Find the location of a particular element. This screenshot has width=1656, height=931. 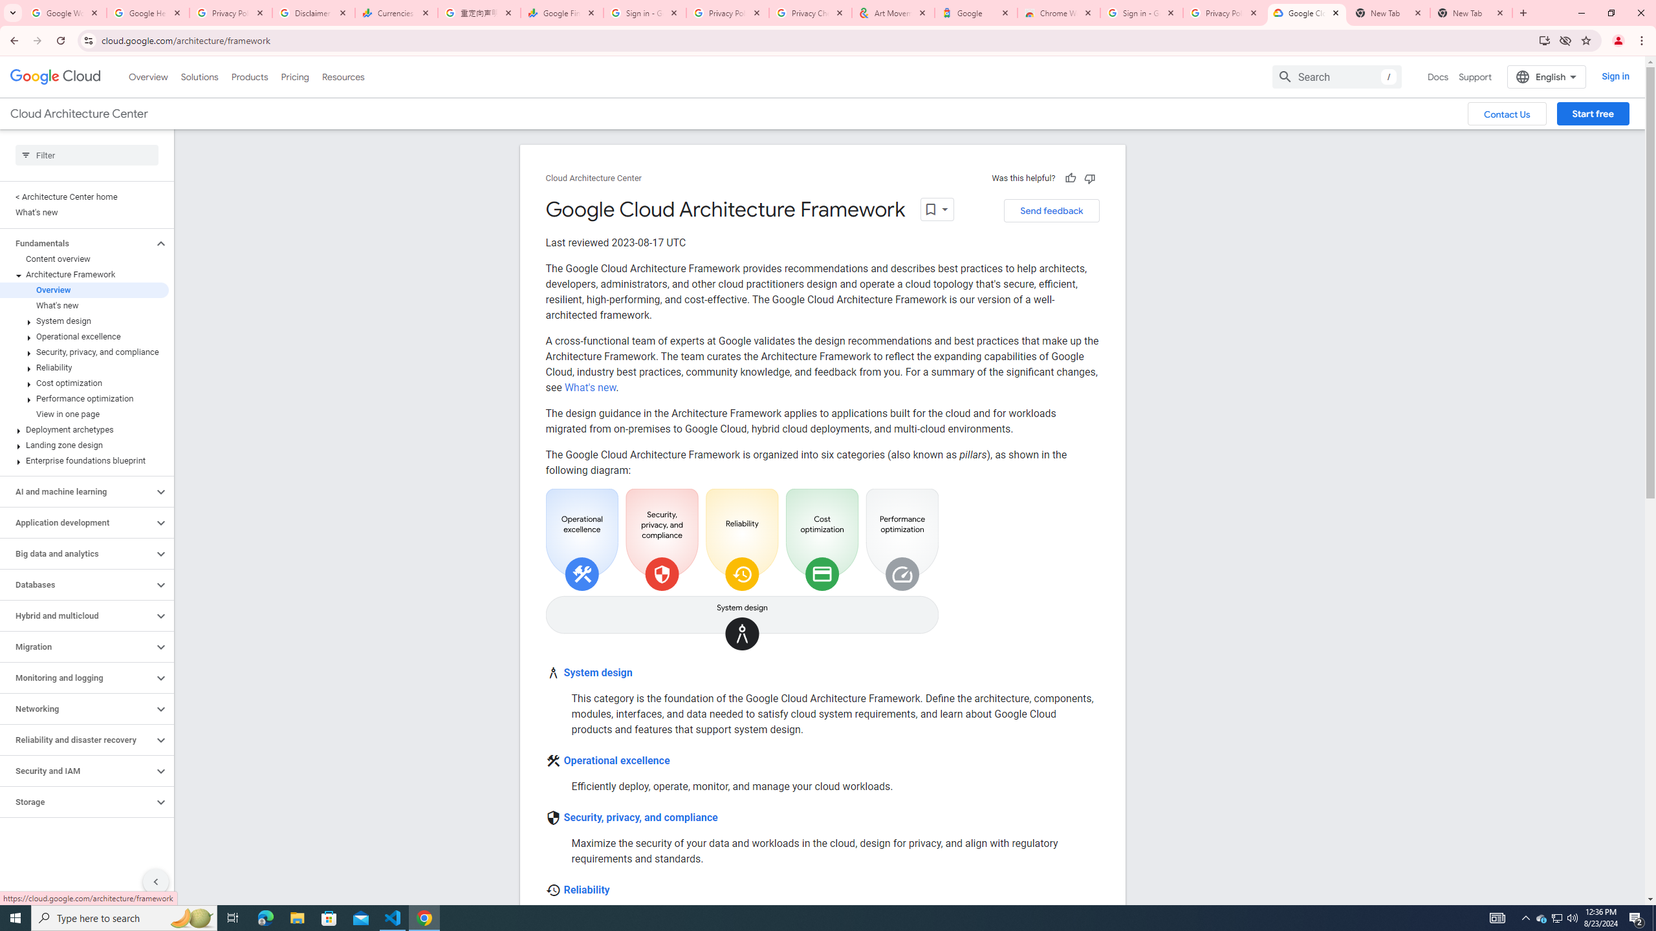

'Enterprise foundations blueprint' is located at coordinates (84, 460).